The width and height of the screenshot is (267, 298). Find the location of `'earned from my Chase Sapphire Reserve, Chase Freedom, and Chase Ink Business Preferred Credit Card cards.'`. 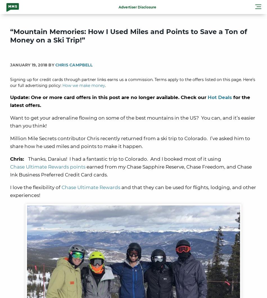

'earned from my Chase Sapphire Reserve, Chase Freedom, and Chase Ink Business Preferred Credit Card cards.' is located at coordinates (10, 171).